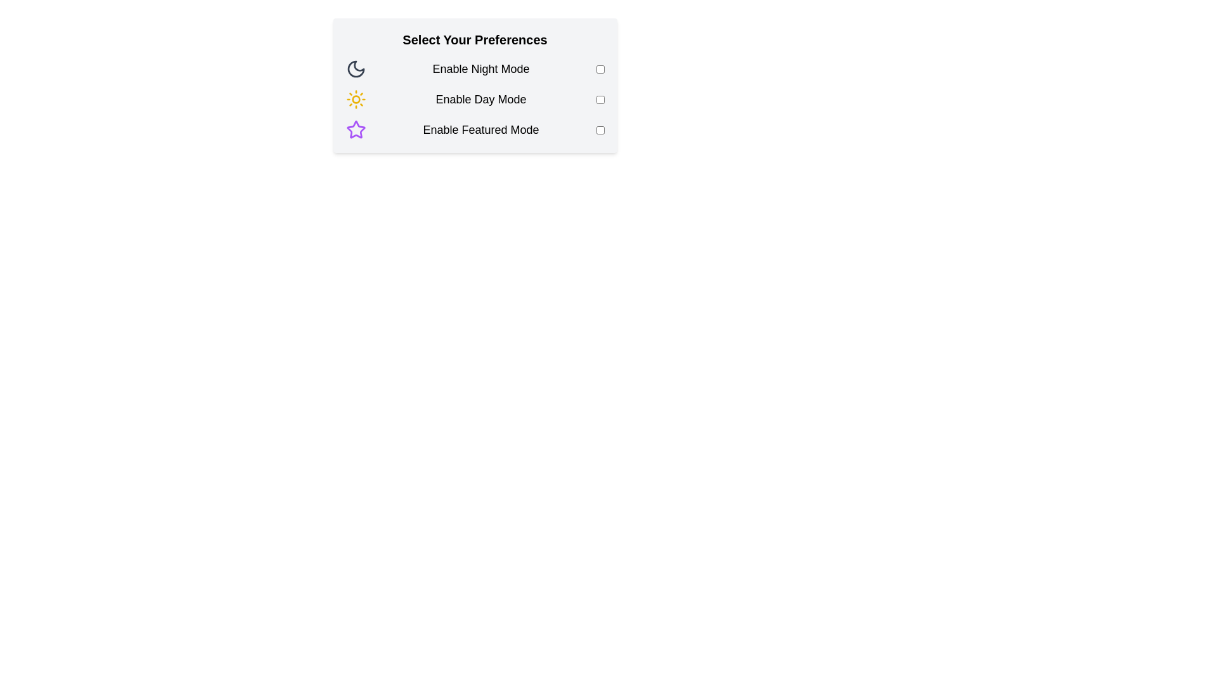 This screenshot has height=685, width=1217. What do you see at coordinates (480, 129) in the screenshot?
I see `the text label that describes the third option in the user preferences, which follows 'Enable Night Mode' and 'Enable Day Mode', and is adjacent to a checkbox` at bounding box center [480, 129].